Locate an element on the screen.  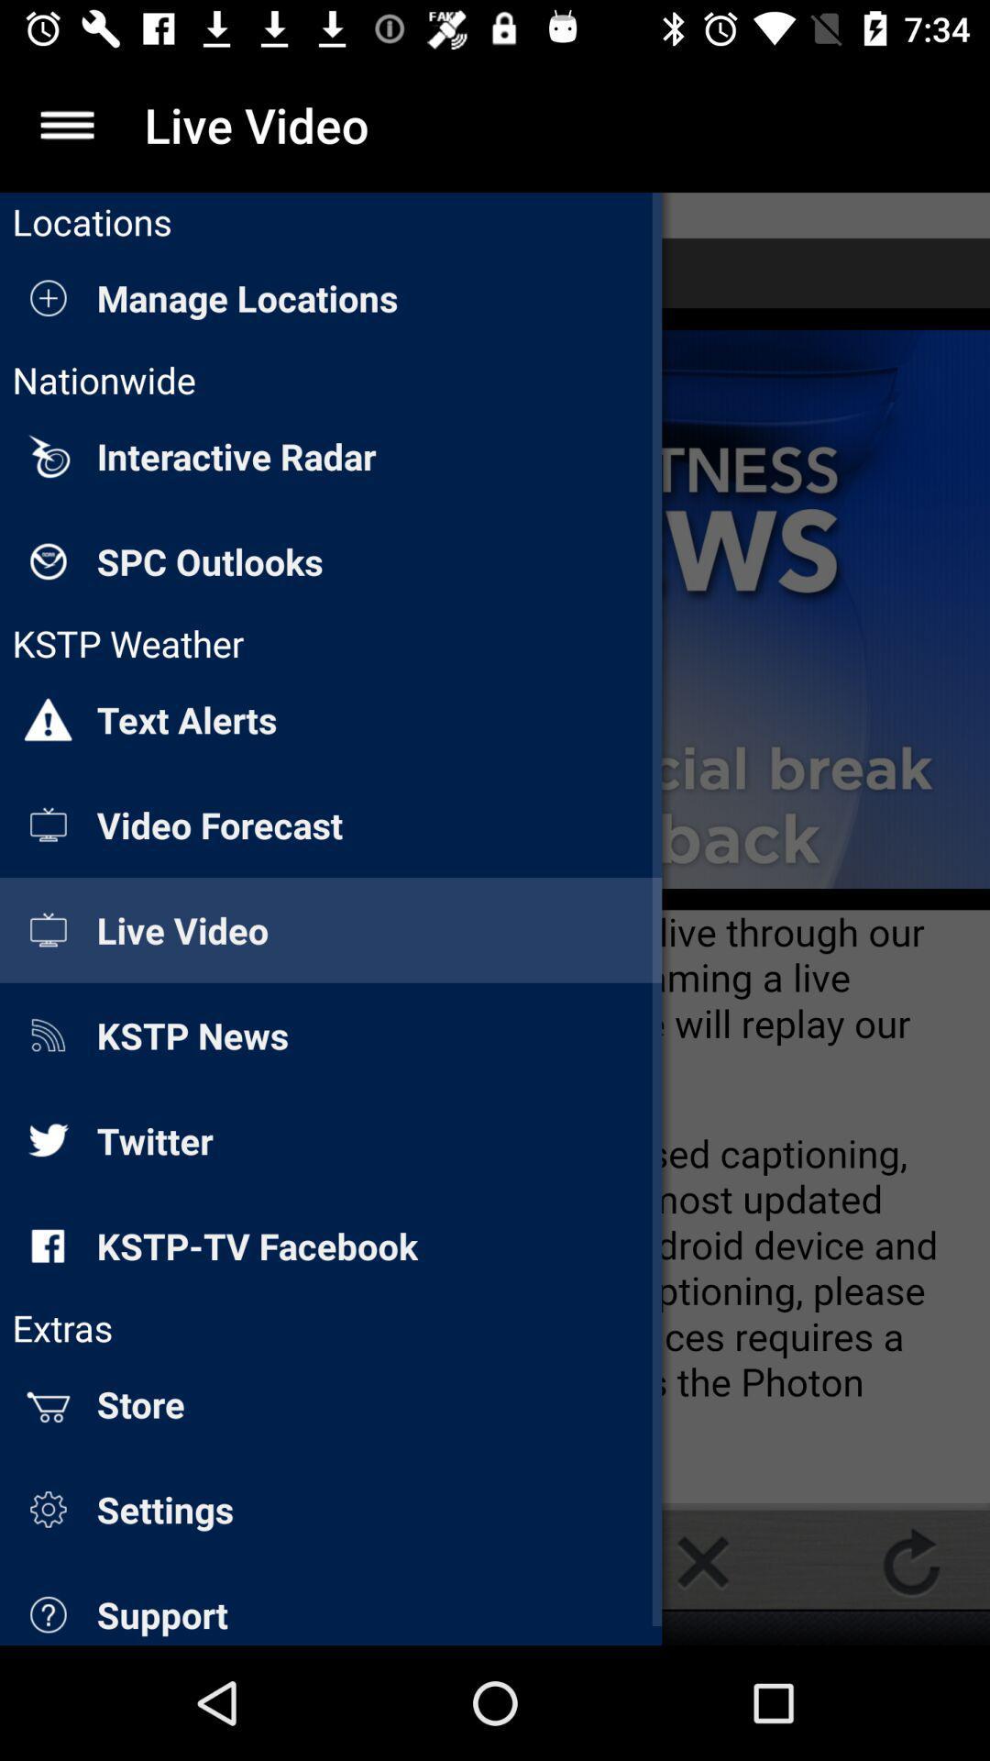
the menu icon is located at coordinates (66, 124).